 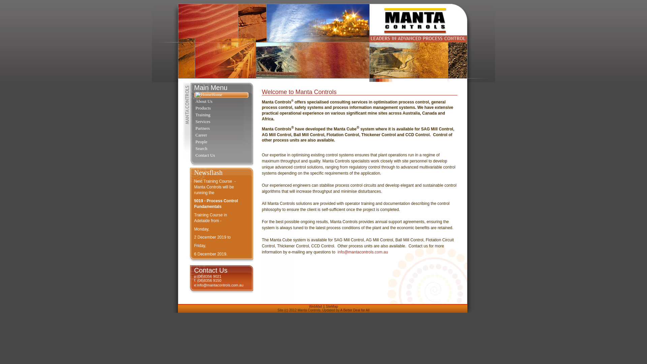 What do you see at coordinates (221, 149) in the screenshot?
I see `'Search'` at bounding box center [221, 149].